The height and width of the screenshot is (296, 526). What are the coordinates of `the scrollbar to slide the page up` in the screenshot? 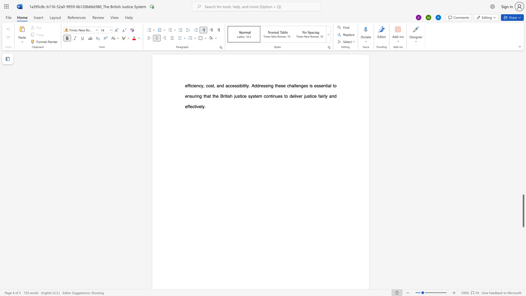 It's located at (523, 115).